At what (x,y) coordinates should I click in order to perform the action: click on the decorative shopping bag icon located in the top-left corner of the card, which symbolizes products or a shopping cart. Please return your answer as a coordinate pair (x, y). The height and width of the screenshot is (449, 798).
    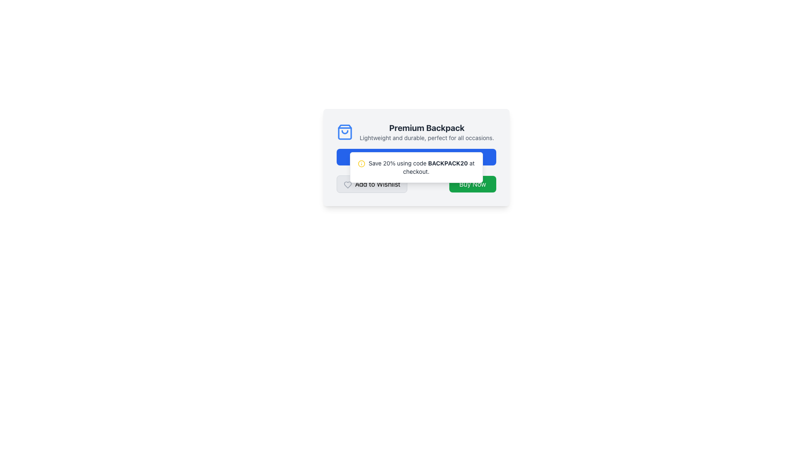
    Looking at the image, I should click on (345, 131).